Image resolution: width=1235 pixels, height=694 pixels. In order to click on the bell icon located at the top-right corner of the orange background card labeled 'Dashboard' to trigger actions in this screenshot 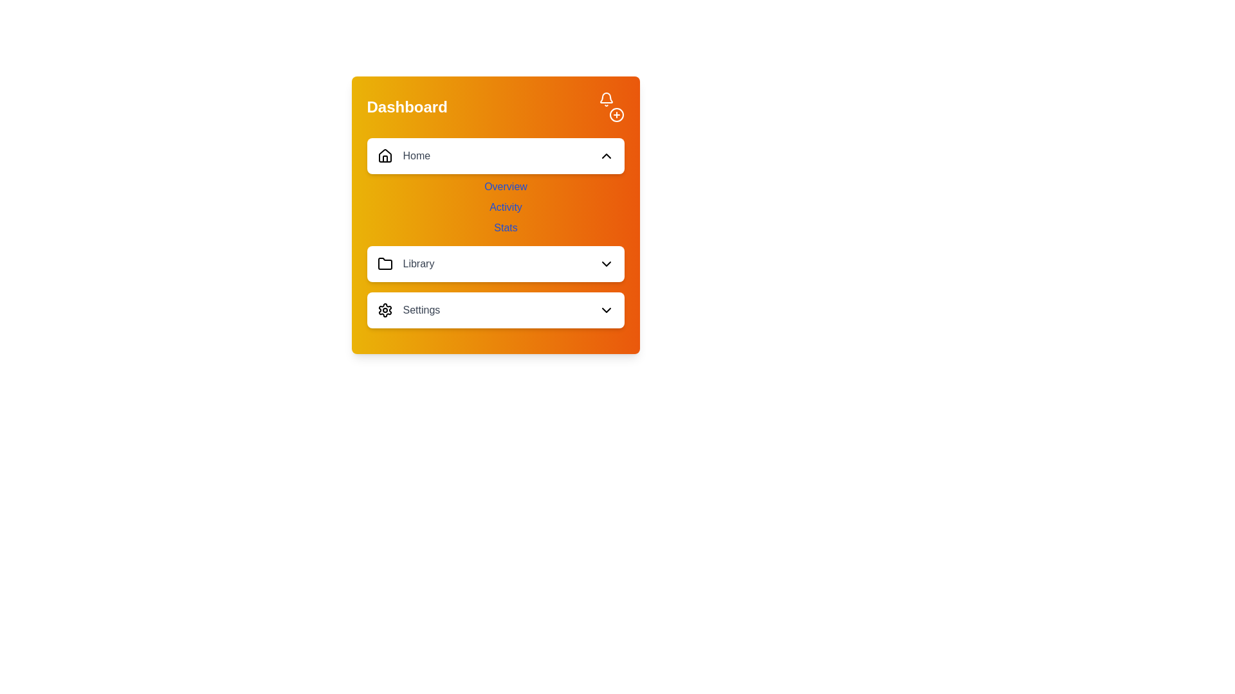, I will do `click(605, 97)`.